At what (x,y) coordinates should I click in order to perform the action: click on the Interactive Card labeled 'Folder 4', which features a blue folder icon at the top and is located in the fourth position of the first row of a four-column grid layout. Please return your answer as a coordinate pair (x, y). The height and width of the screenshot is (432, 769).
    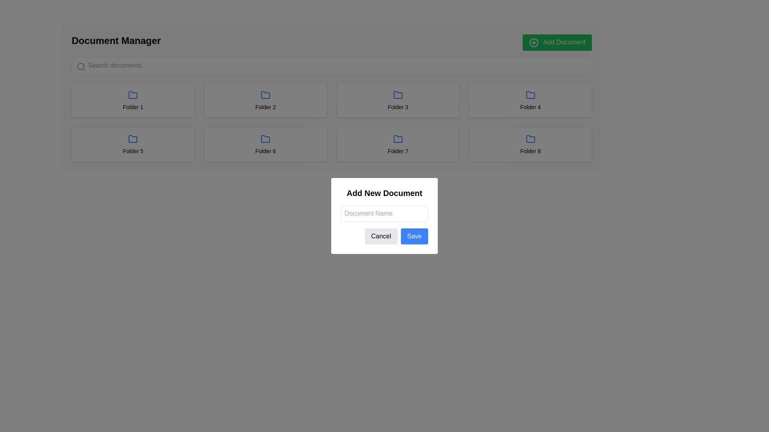
    Looking at the image, I should click on (530, 100).